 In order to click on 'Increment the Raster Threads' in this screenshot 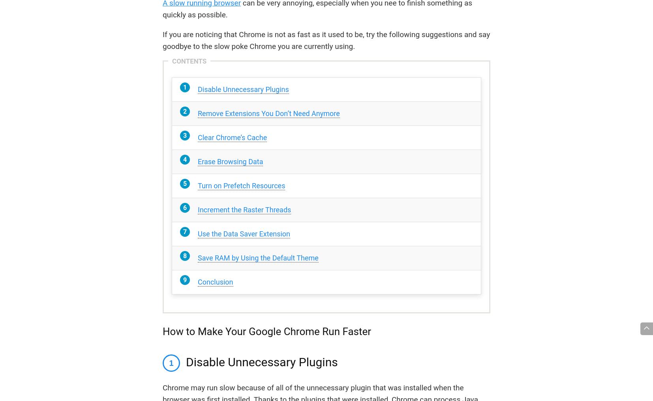, I will do `click(244, 209)`.